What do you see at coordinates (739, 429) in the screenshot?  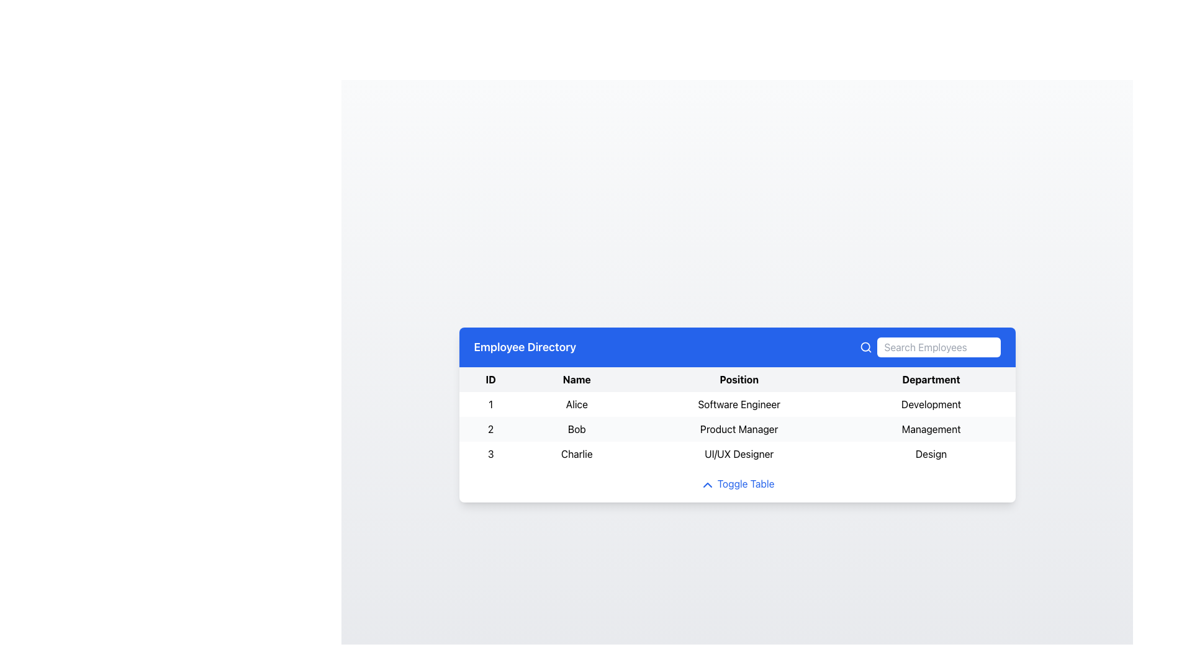 I see `the text element displaying 'Product Manager' located in the 'Position' column of the second row in the 'Employee Directory' table` at bounding box center [739, 429].